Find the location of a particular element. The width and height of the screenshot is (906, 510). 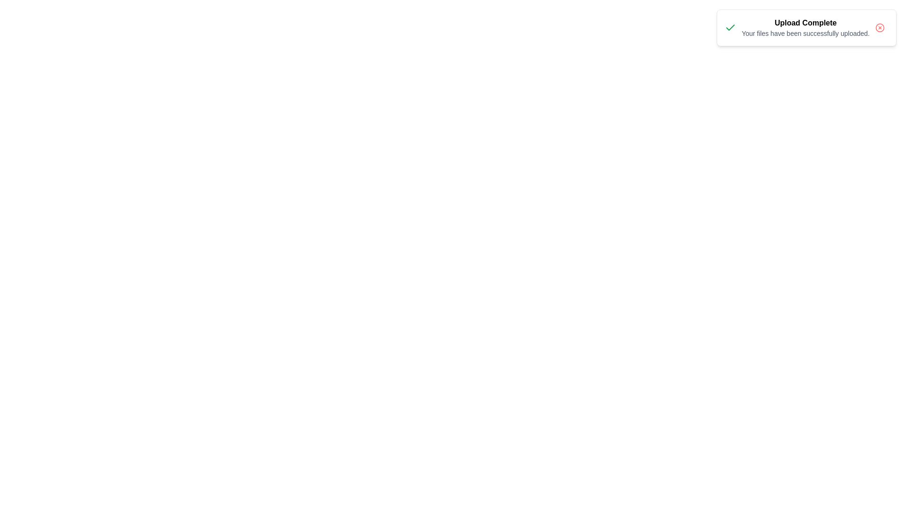

the notification icon to observe its type is located at coordinates (730, 27).